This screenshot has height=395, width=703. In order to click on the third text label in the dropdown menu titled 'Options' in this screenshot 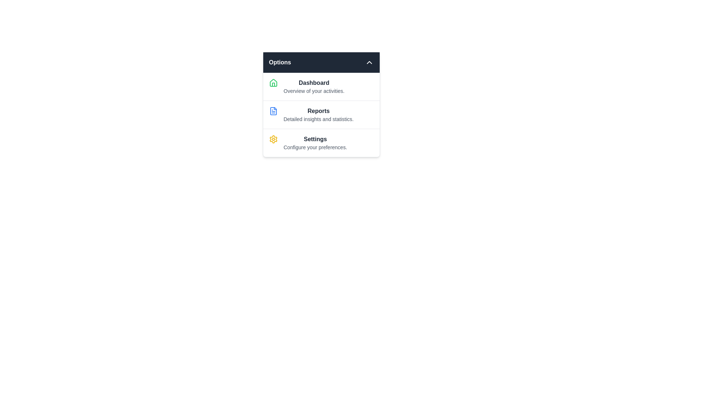, I will do `click(315, 143)`.